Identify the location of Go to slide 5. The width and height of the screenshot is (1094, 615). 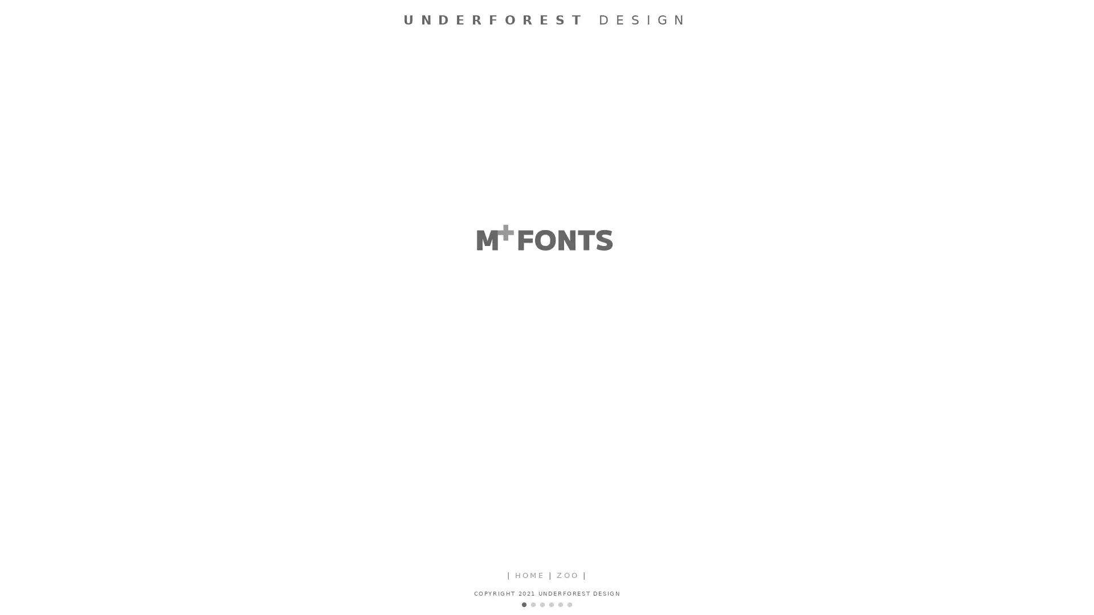
(560, 604).